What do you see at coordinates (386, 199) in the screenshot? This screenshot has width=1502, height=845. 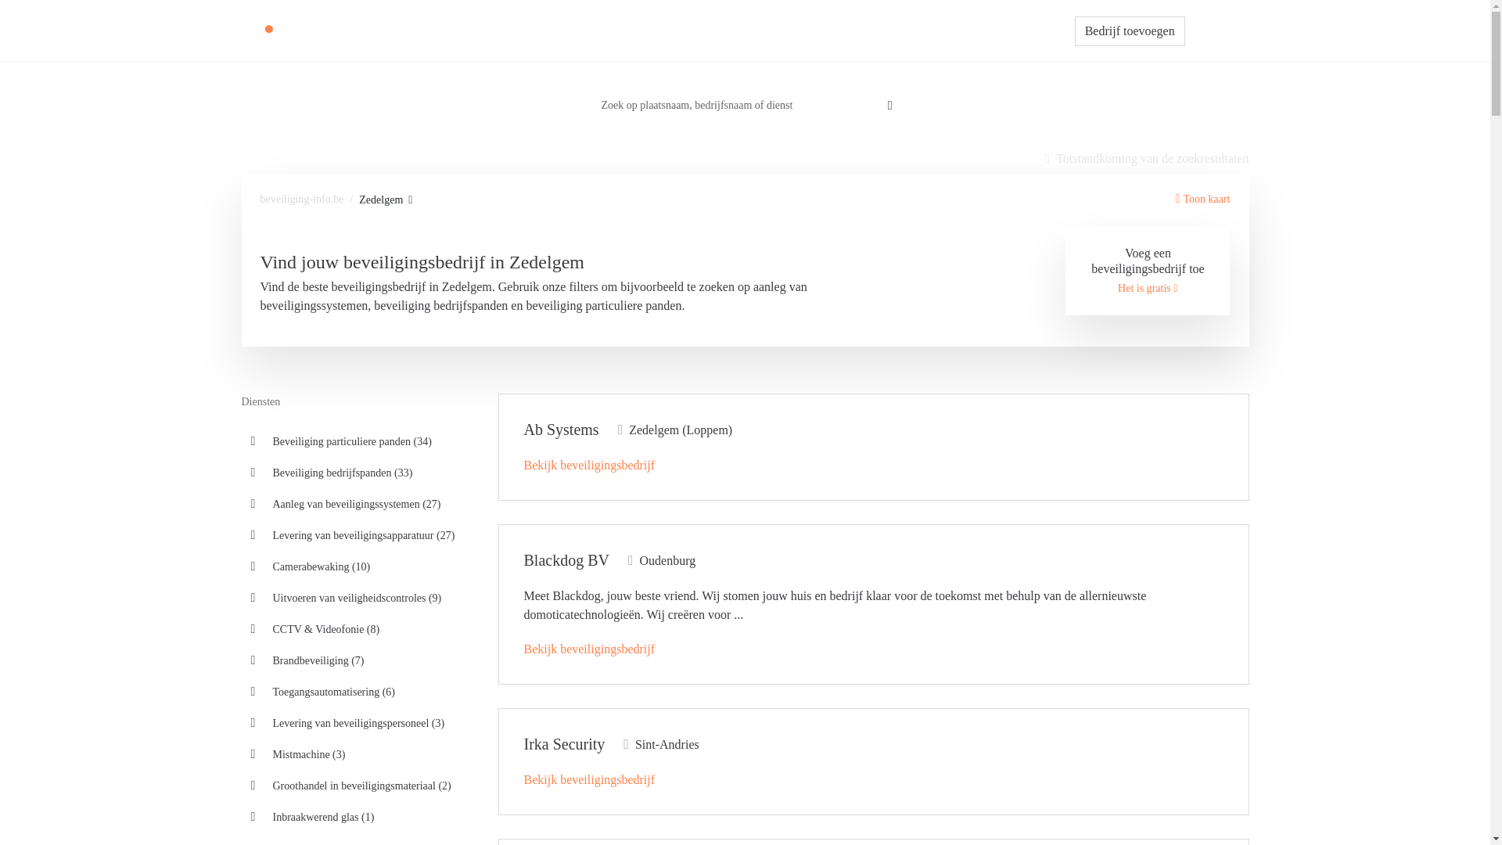 I see `'Zedelgem'` at bounding box center [386, 199].